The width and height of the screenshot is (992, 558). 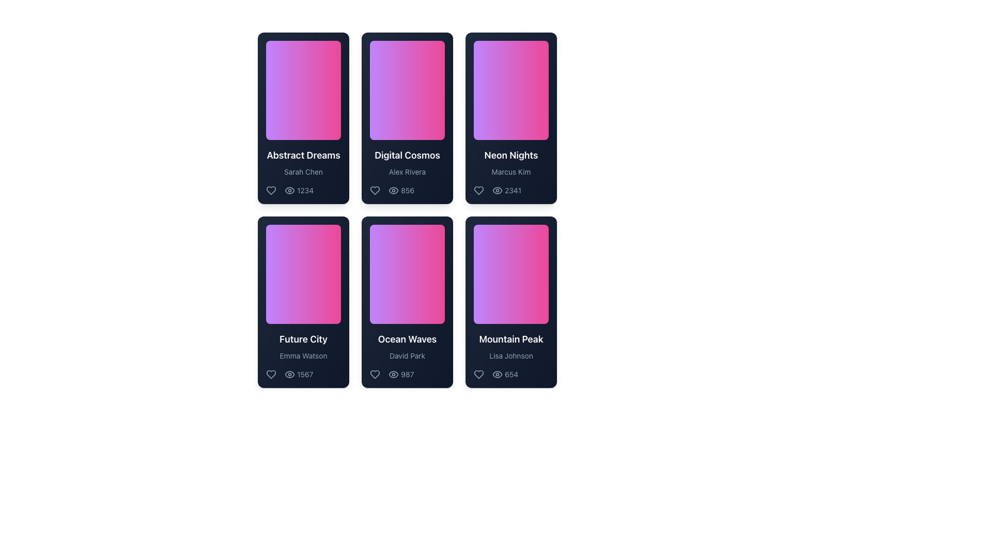 I want to click on the text element displaying the author's or user's name associated with the card content, located below the title 'Neon Nights' in the top-right corner of the card layout, so click(x=511, y=171).